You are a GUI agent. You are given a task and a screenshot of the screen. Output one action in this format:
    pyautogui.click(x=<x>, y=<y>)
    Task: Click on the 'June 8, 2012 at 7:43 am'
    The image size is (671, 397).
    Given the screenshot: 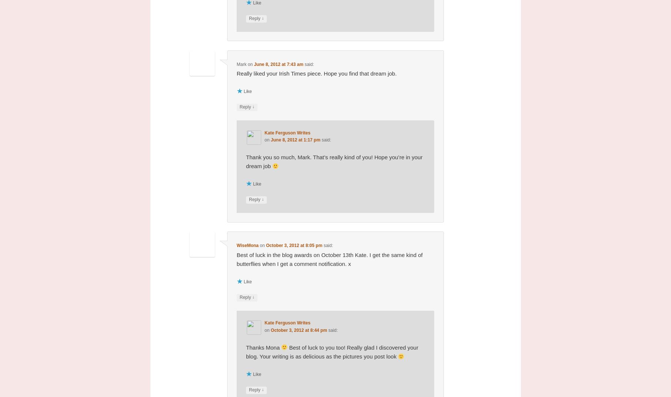 What is the action you would take?
    pyautogui.click(x=278, y=64)
    